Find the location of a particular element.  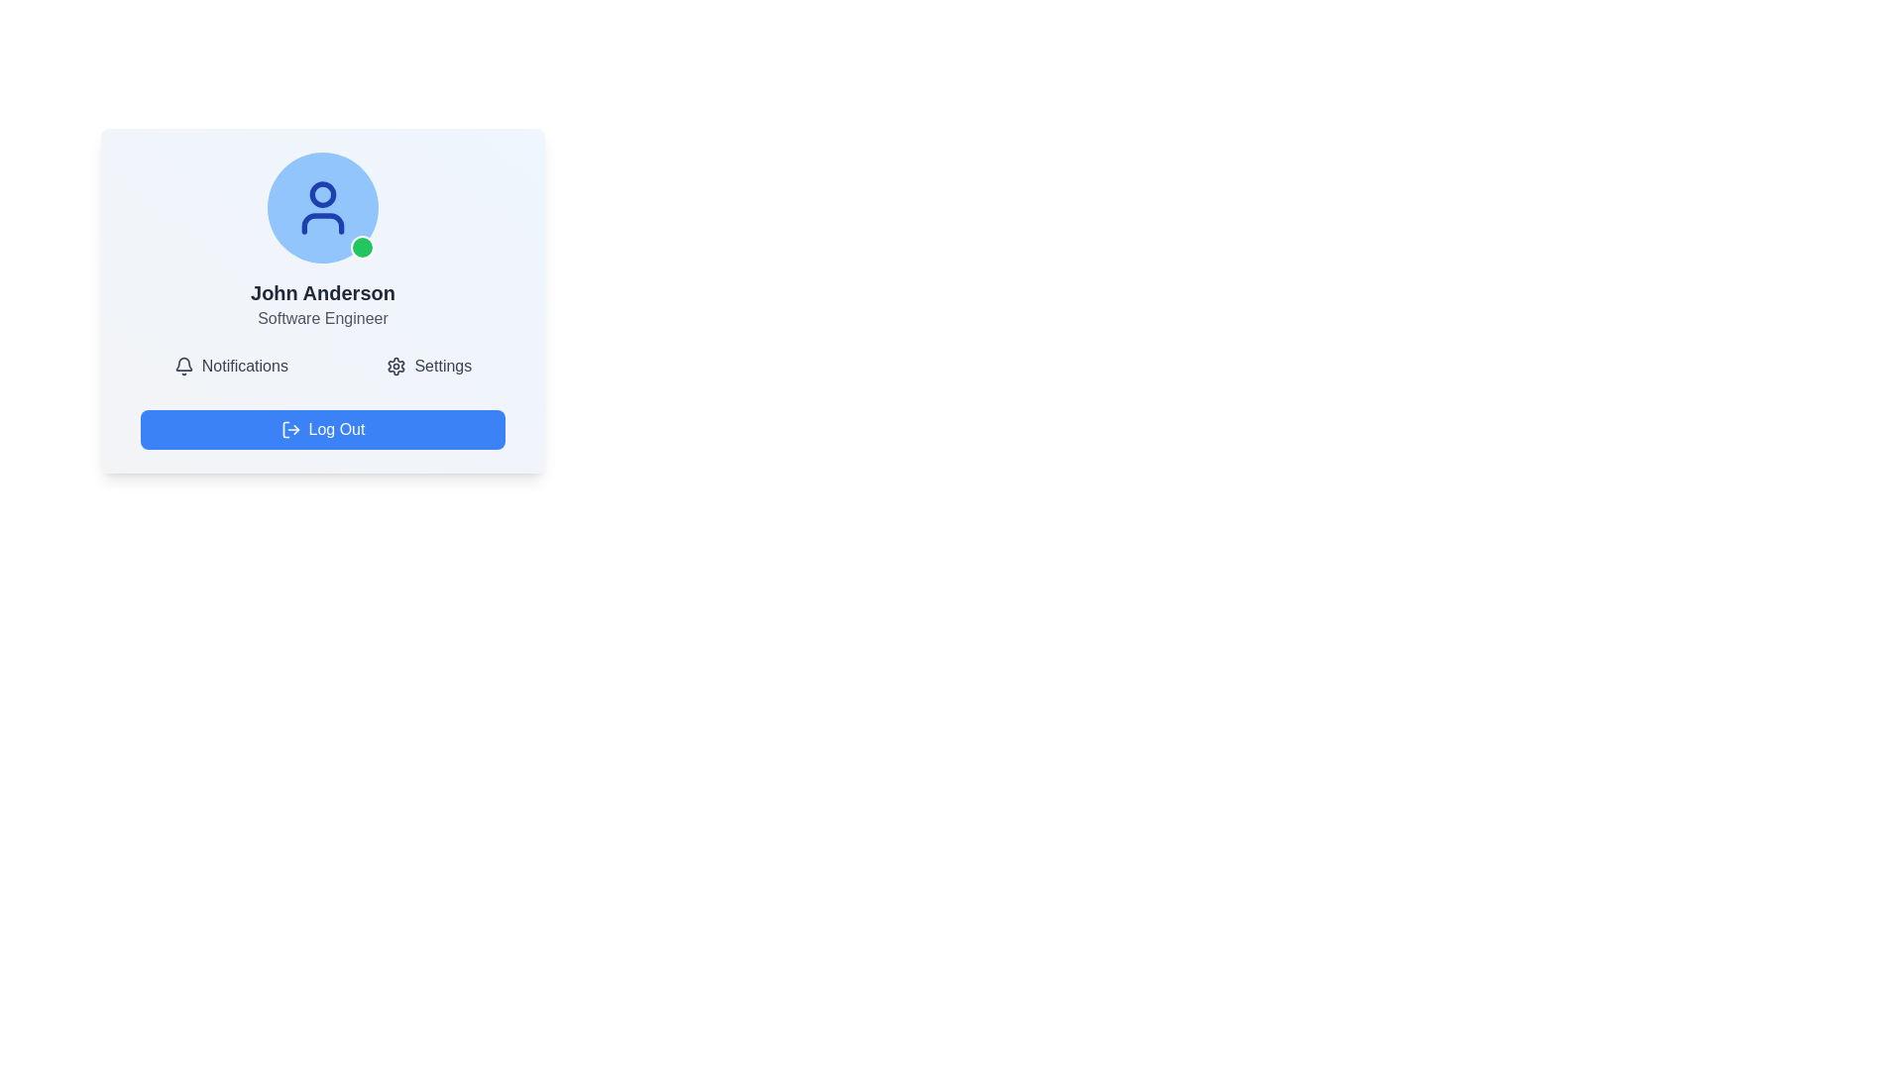

text displayed in the user profile area, which shows the user's name and title, located centrally below the user icon and above the 'Notifications' and 'Settings' buttons is located at coordinates (323, 305).